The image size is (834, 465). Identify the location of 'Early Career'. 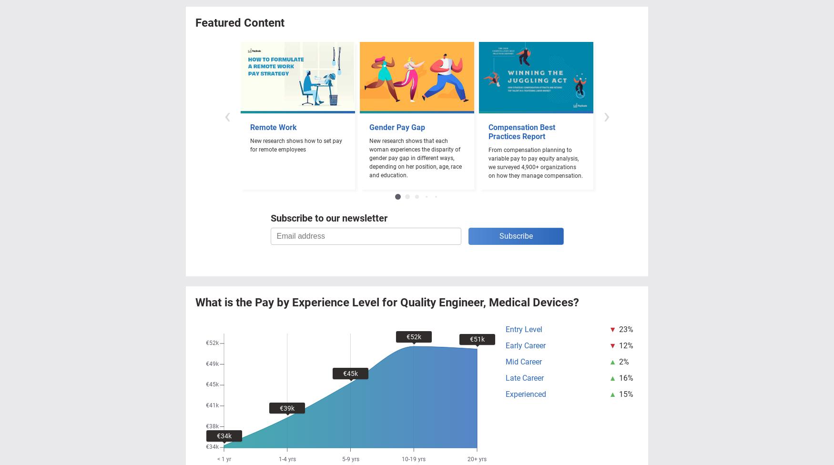
(526, 344).